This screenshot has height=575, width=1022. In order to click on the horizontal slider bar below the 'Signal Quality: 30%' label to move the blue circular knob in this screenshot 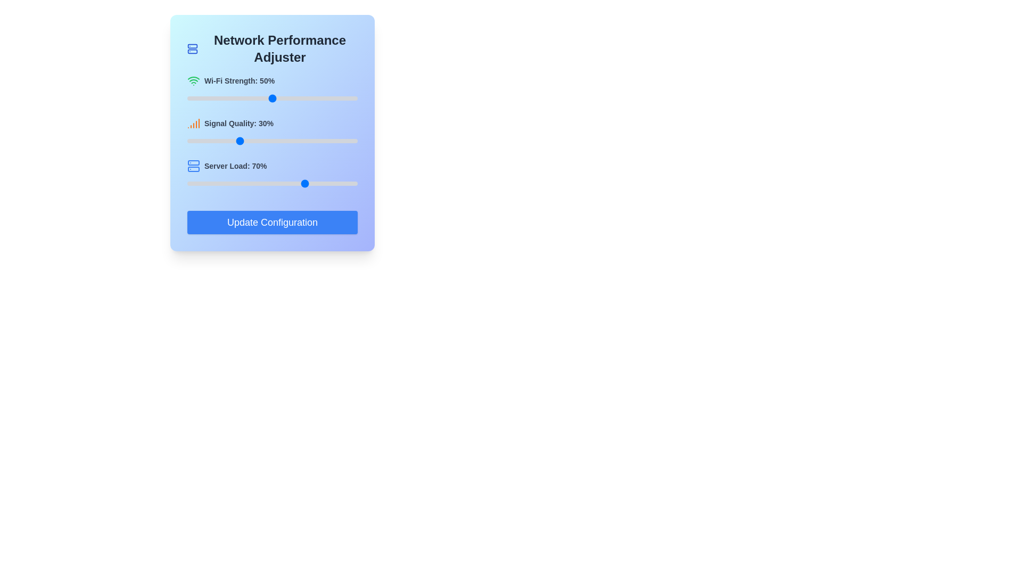, I will do `click(273, 141)`.